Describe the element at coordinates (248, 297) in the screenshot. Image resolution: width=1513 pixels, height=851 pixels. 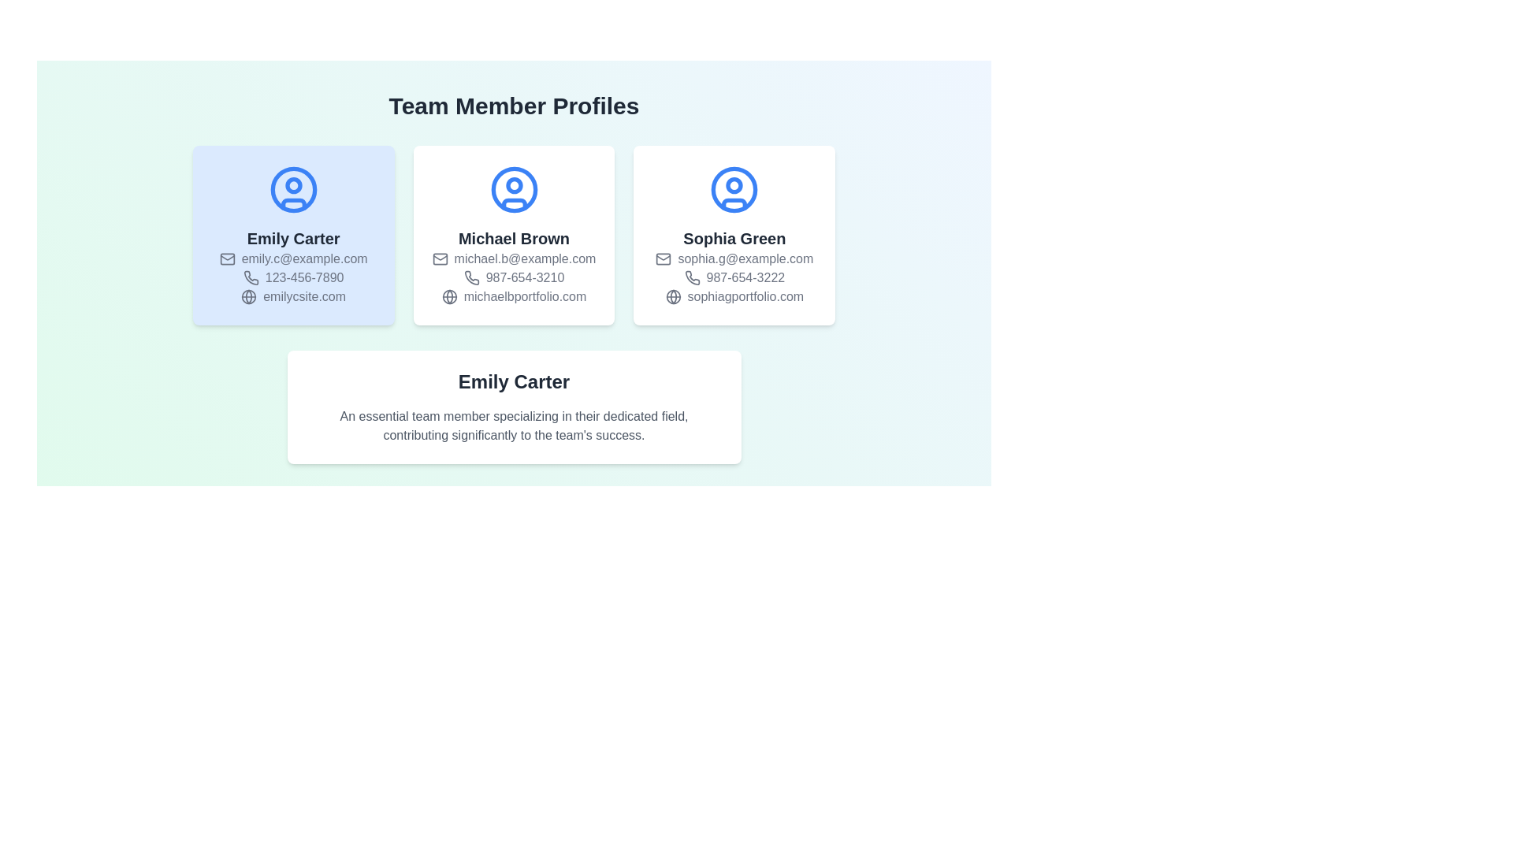
I see `the globe icon associated with Emily Carter's profile card, located at the bottom-left corner near her contact details` at that location.